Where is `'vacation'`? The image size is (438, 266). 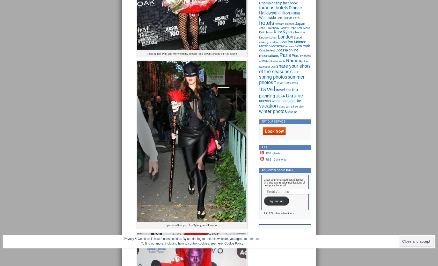 'vacation' is located at coordinates (268, 105).